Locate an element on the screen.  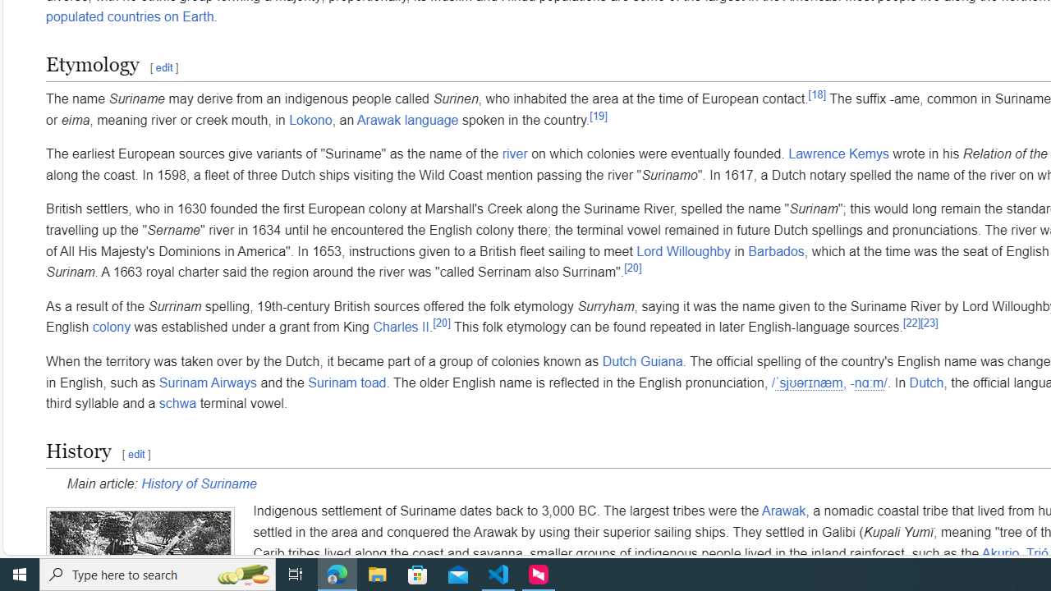
'History of Suriname' is located at coordinates (198, 483).